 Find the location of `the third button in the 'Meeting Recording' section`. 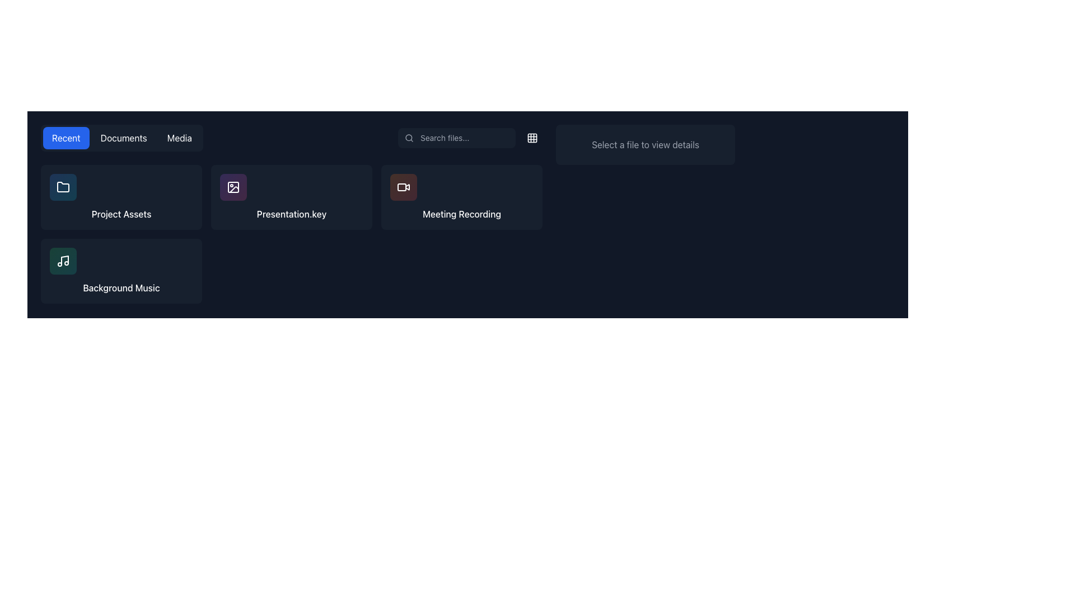

the third button in the 'Meeting Recording' section is located at coordinates (403, 187).